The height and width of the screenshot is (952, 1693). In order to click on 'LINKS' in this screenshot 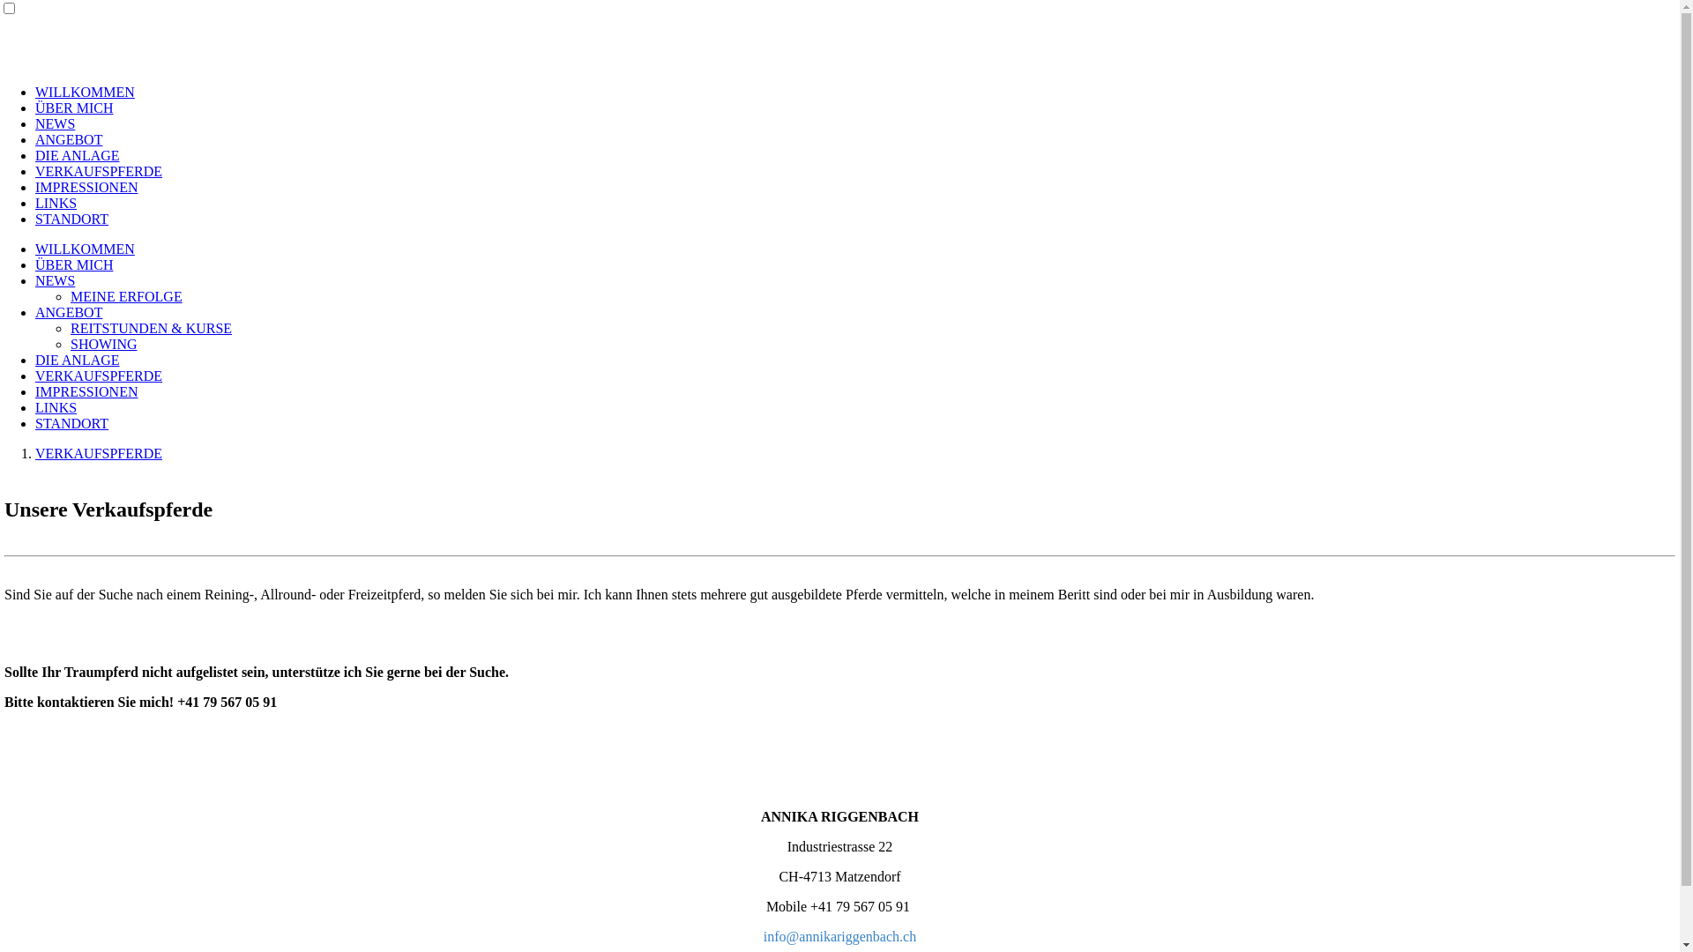, I will do `click(56, 202)`.